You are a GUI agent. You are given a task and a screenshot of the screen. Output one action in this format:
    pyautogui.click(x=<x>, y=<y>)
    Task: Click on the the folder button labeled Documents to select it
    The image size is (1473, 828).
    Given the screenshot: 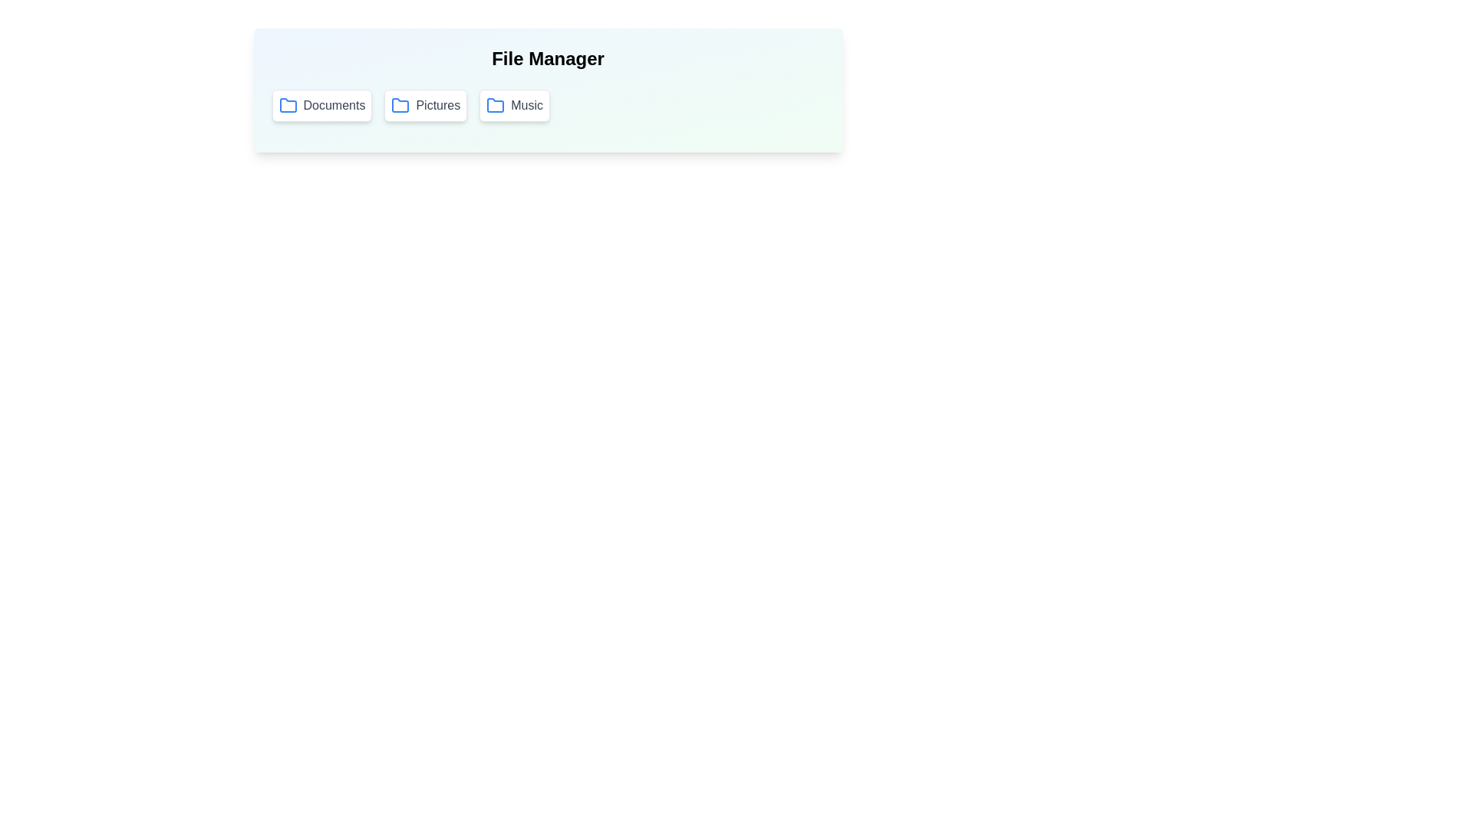 What is the action you would take?
    pyautogui.click(x=321, y=105)
    